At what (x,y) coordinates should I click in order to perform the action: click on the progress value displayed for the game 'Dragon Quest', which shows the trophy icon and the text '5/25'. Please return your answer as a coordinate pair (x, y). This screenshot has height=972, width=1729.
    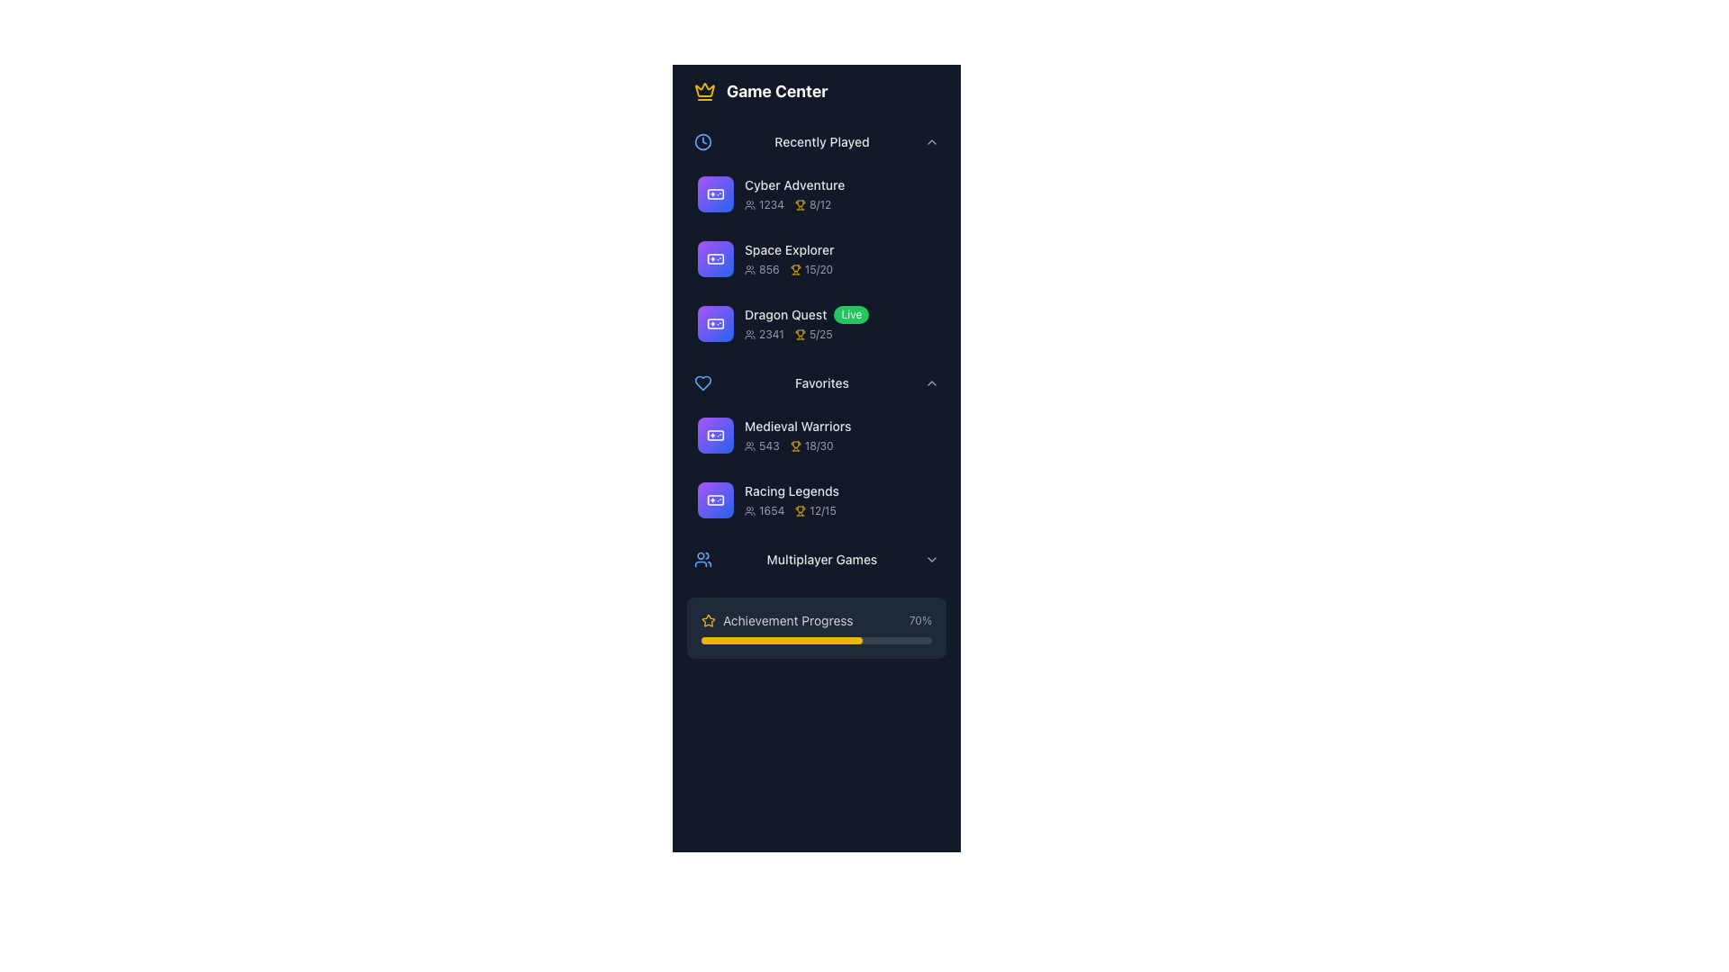
    Looking at the image, I should click on (812, 334).